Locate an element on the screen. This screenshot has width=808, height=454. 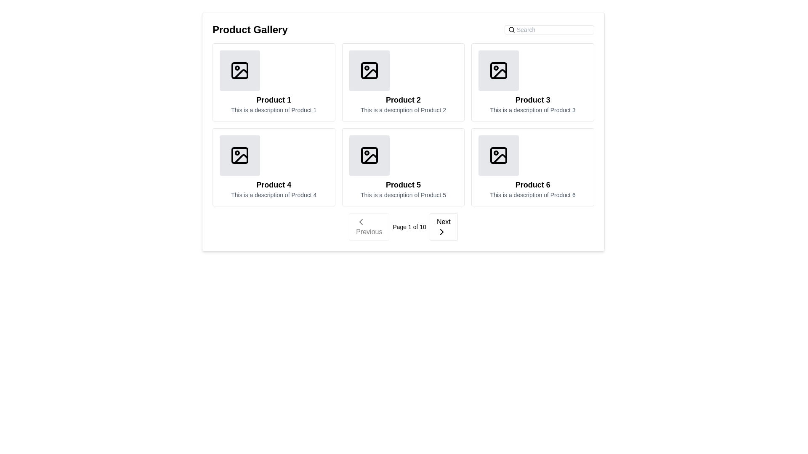
the circular graphical icon within the SVG that represents a part of the magnifying glass design to initiate a search is located at coordinates (511, 29).